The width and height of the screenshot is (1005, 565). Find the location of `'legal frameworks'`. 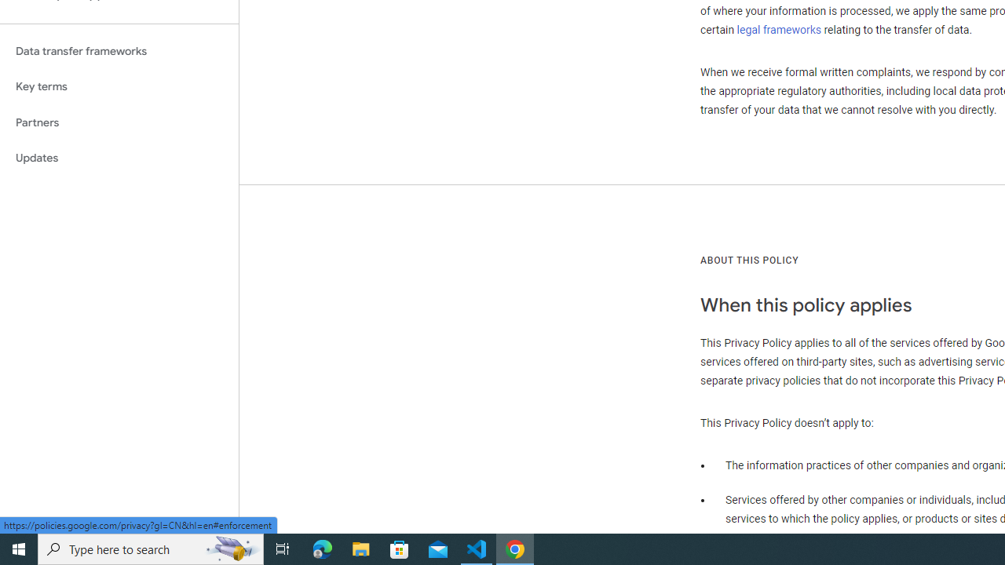

'legal frameworks' is located at coordinates (779, 29).